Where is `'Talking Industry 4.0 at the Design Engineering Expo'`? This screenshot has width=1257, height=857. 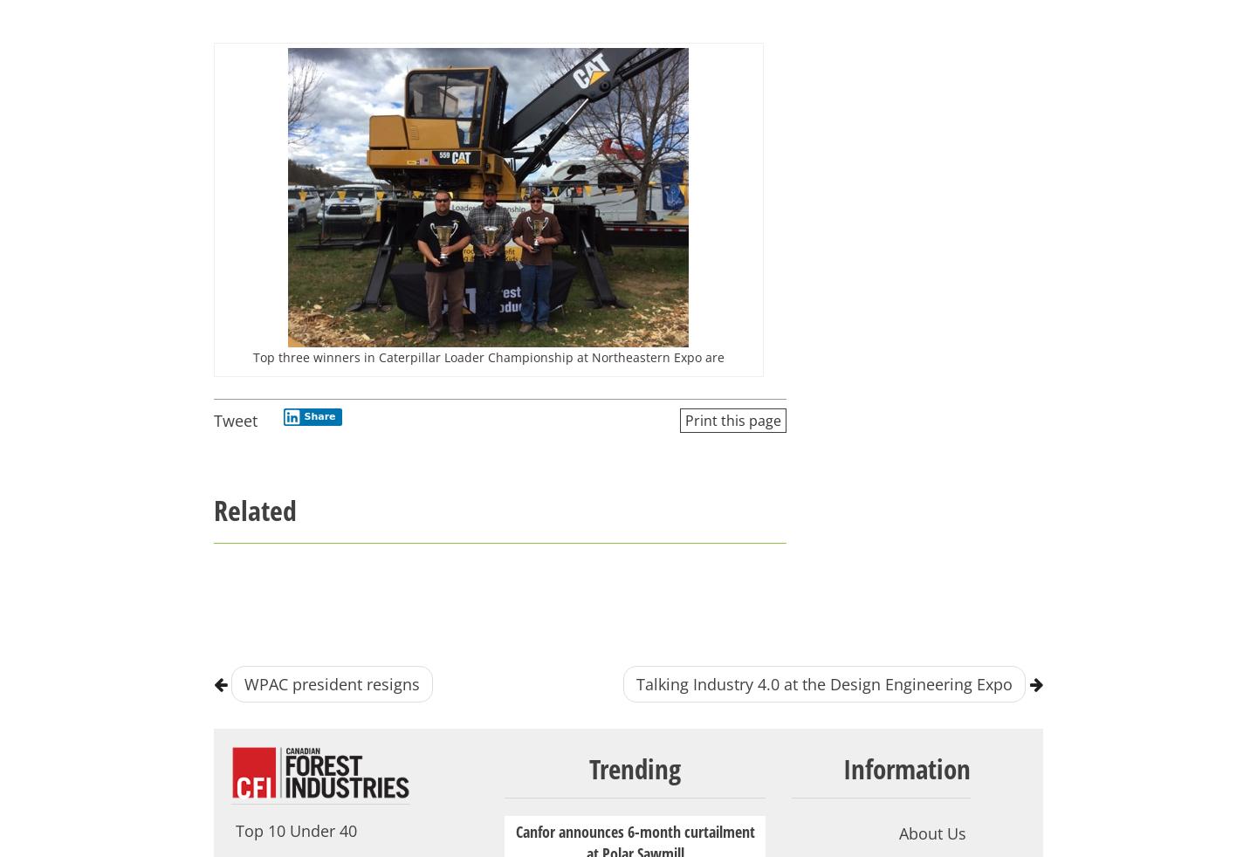 'Talking Industry 4.0 at the Design Engineering Expo' is located at coordinates (824, 683).